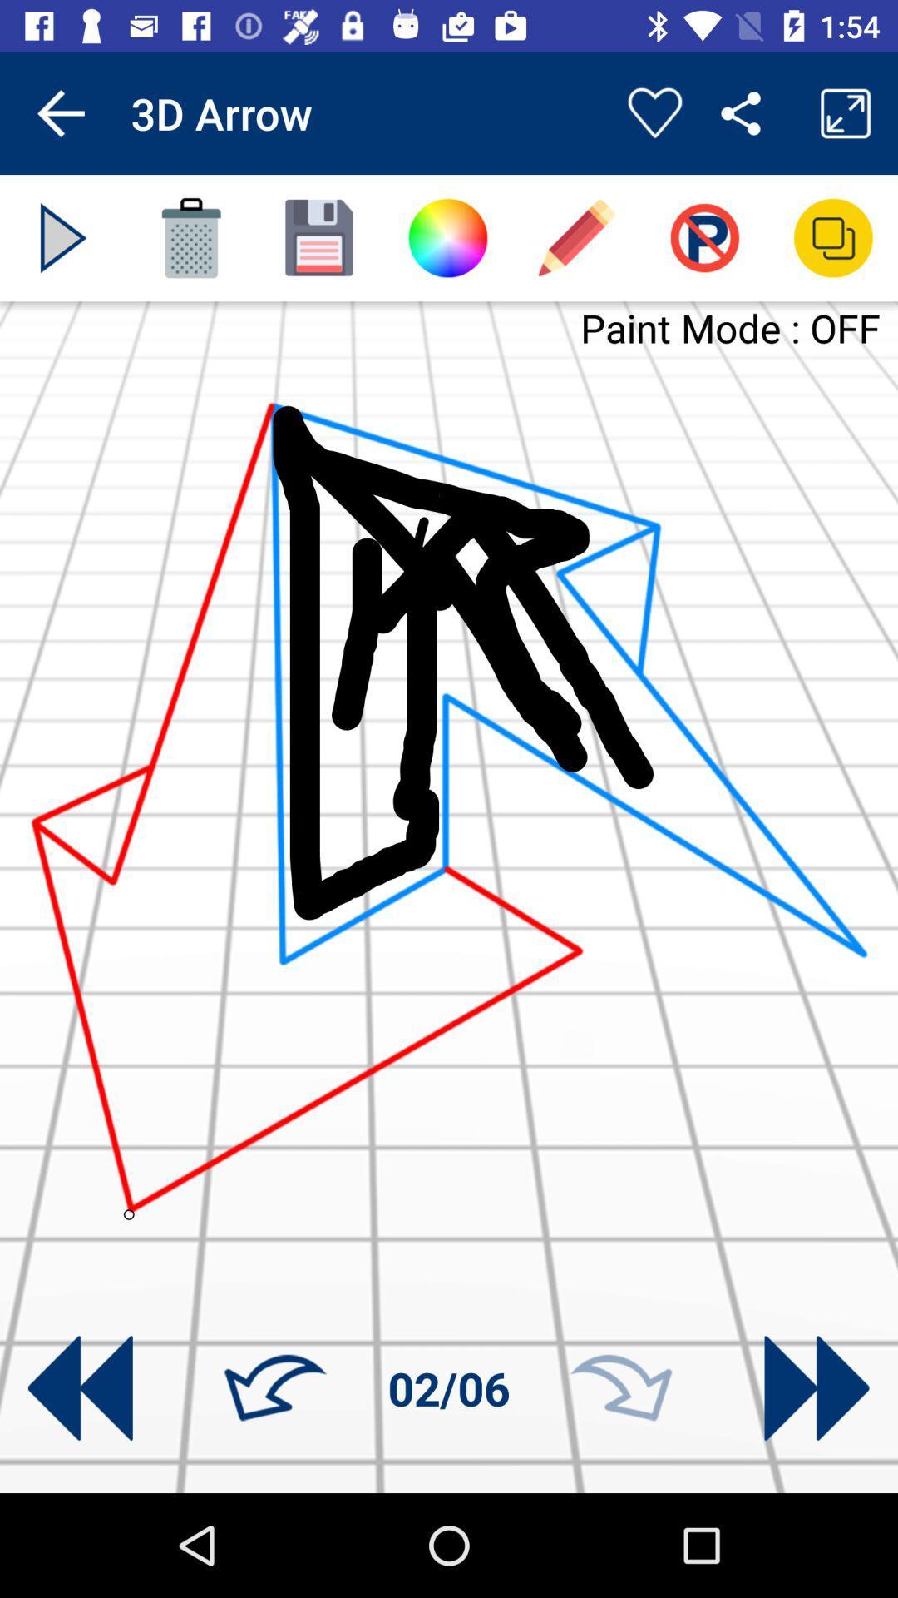 Image resolution: width=898 pixels, height=1598 pixels. What do you see at coordinates (274, 1388) in the screenshot?
I see `go left` at bounding box center [274, 1388].